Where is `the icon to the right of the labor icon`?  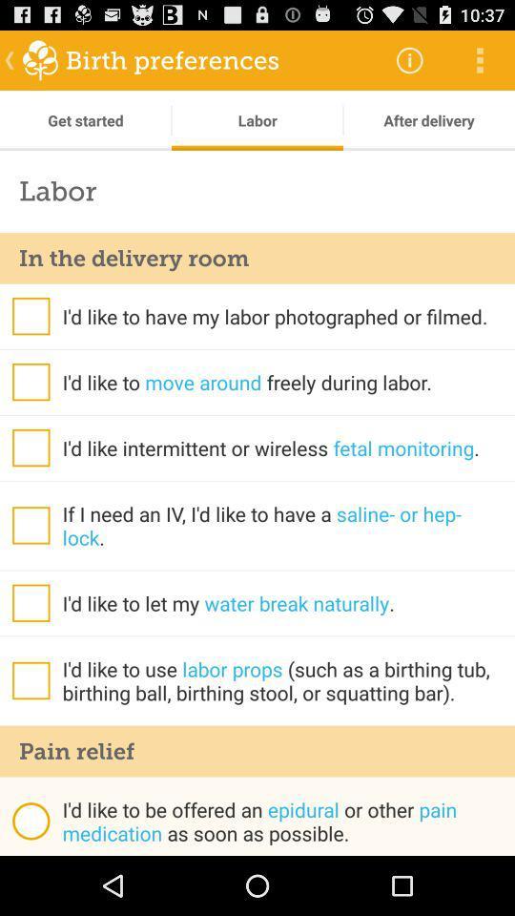 the icon to the right of the labor icon is located at coordinates (428, 119).